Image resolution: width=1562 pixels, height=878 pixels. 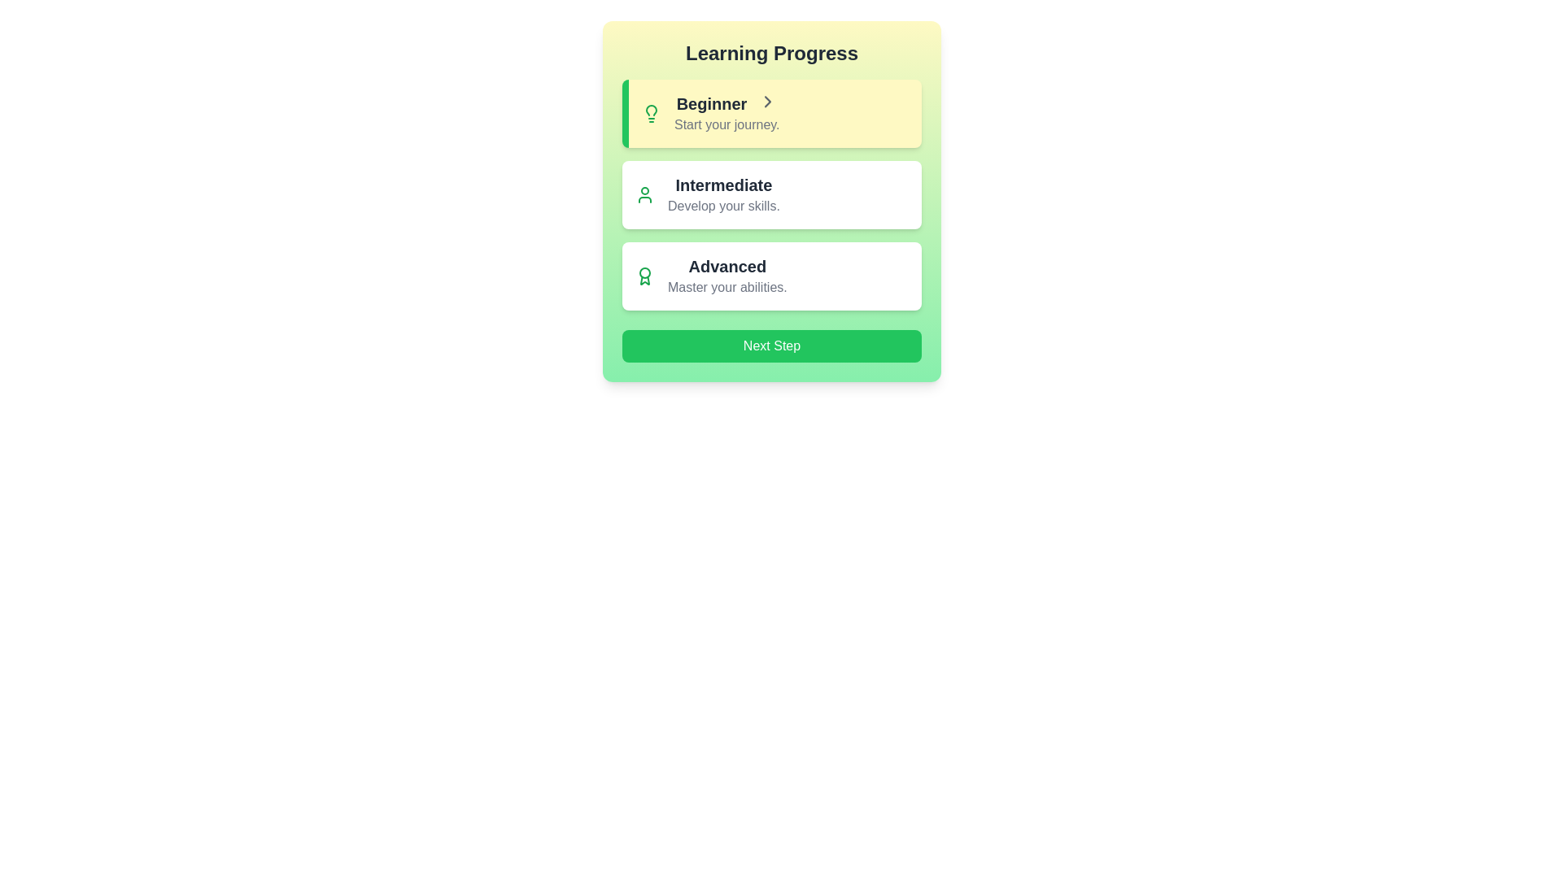 What do you see at coordinates (722, 206) in the screenshot?
I see `the text that provides additional descriptive information about the 'Intermediate' learning level, located directly under the 'Intermediate' text in the 'Learning Progress' section` at bounding box center [722, 206].